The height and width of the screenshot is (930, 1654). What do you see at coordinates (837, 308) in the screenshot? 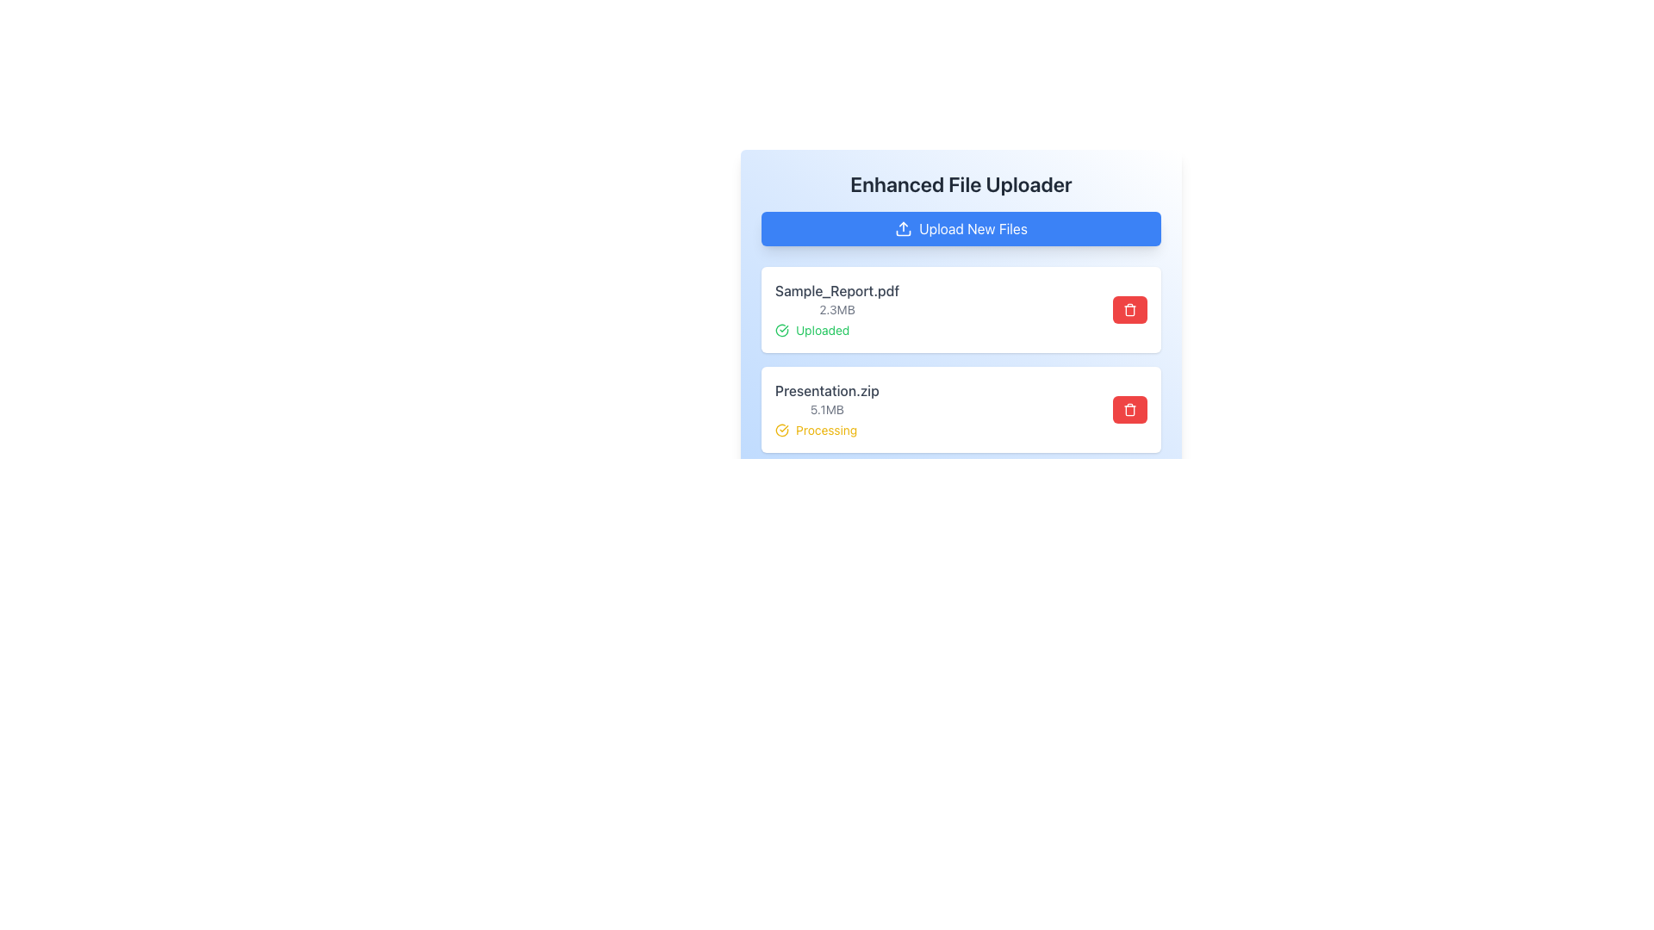
I see `the text element that provides information about the size of the file 'Sample_Report.pdf', which is 2.3MB, located between 'Sample_Report.pdf' and 'Uploaded'` at bounding box center [837, 308].